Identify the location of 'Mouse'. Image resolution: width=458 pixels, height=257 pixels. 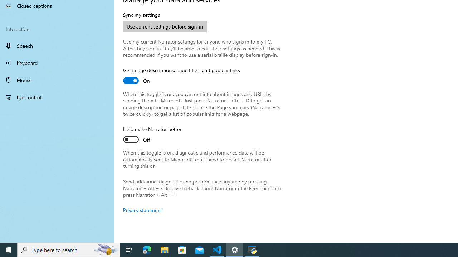
(57, 80).